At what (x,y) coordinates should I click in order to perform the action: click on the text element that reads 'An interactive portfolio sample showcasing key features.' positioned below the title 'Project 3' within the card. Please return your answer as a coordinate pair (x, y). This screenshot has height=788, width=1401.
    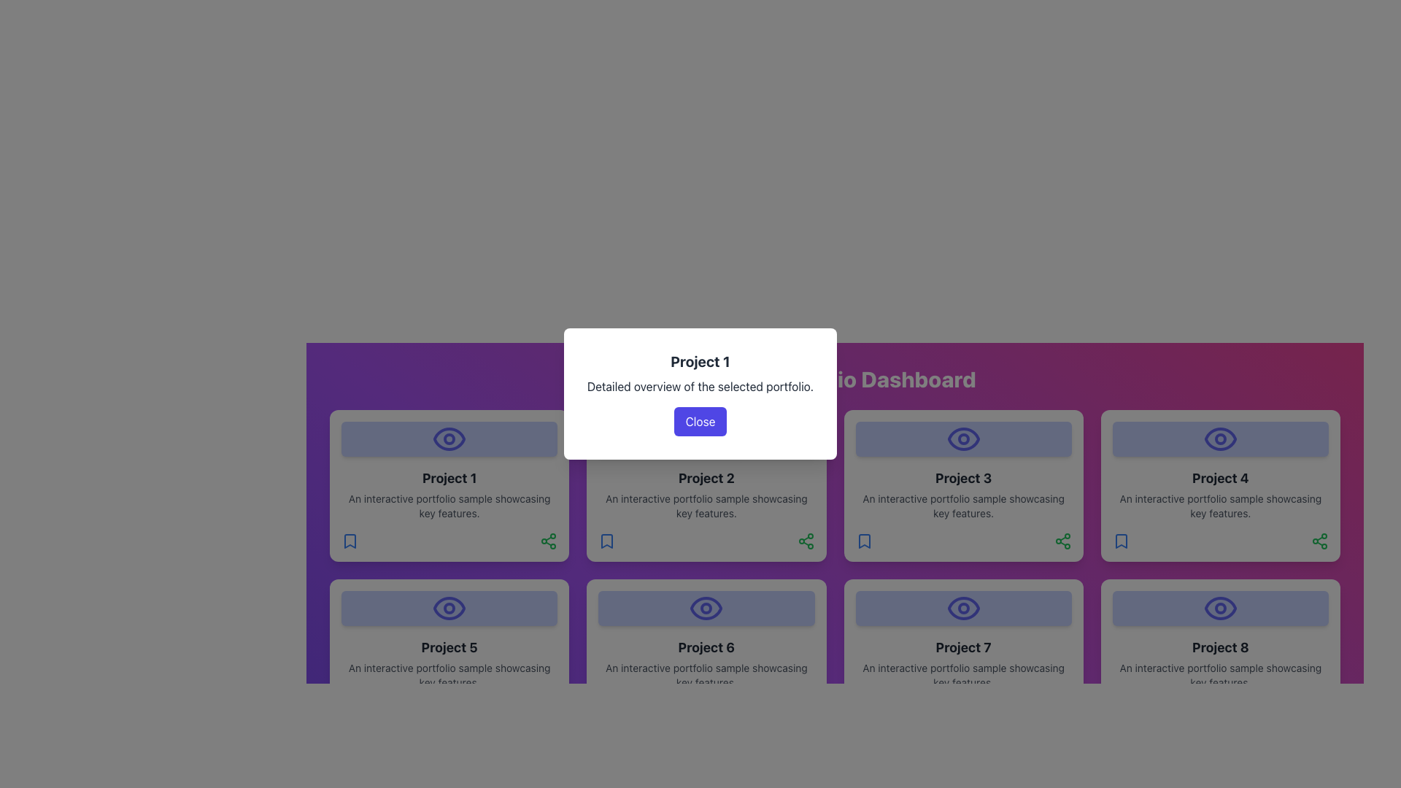
    Looking at the image, I should click on (963, 506).